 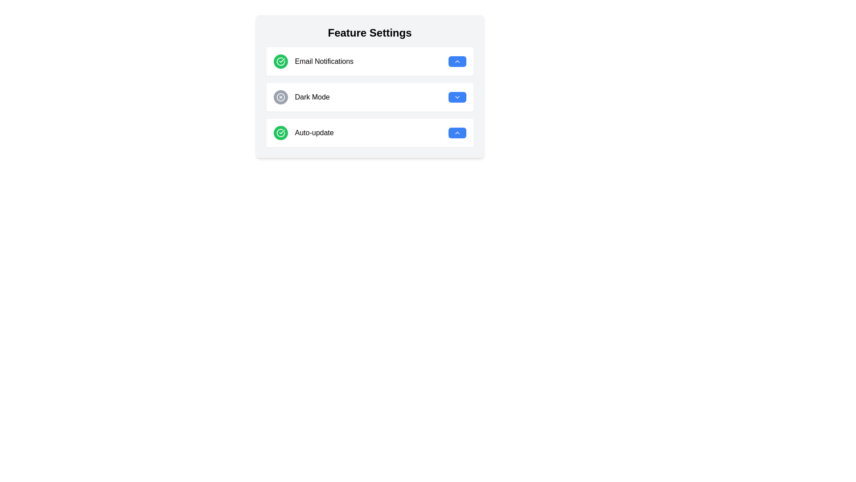 What do you see at coordinates (280, 133) in the screenshot?
I see `the green circular status indicator with a white checkmark, located to the left of the 'Auto-update' label` at bounding box center [280, 133].